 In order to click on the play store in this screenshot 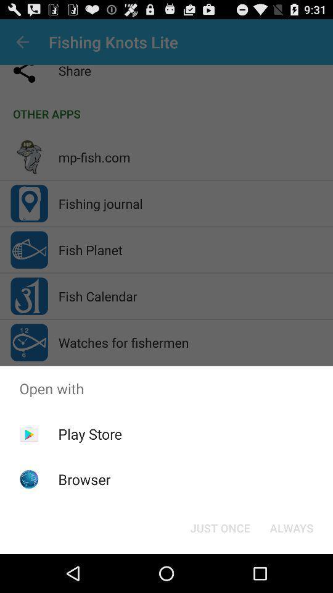, I will do `click(89, 434)`.